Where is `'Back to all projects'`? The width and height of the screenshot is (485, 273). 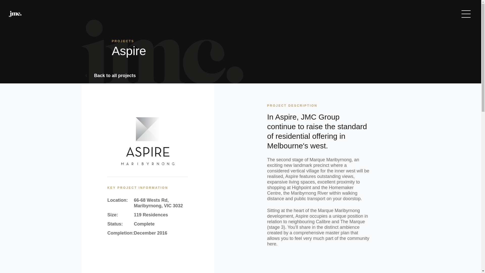
'Back to all projects' is located at coordinates (110, 76).